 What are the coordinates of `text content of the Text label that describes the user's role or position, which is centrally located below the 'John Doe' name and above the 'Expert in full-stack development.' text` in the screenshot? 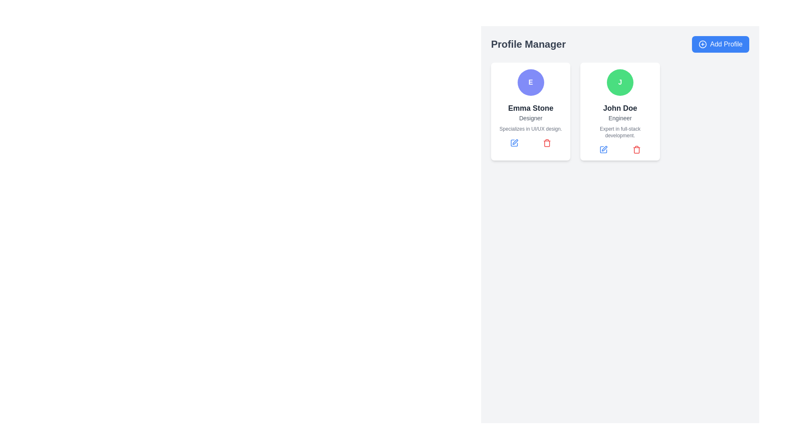 It's located at (620, 118).